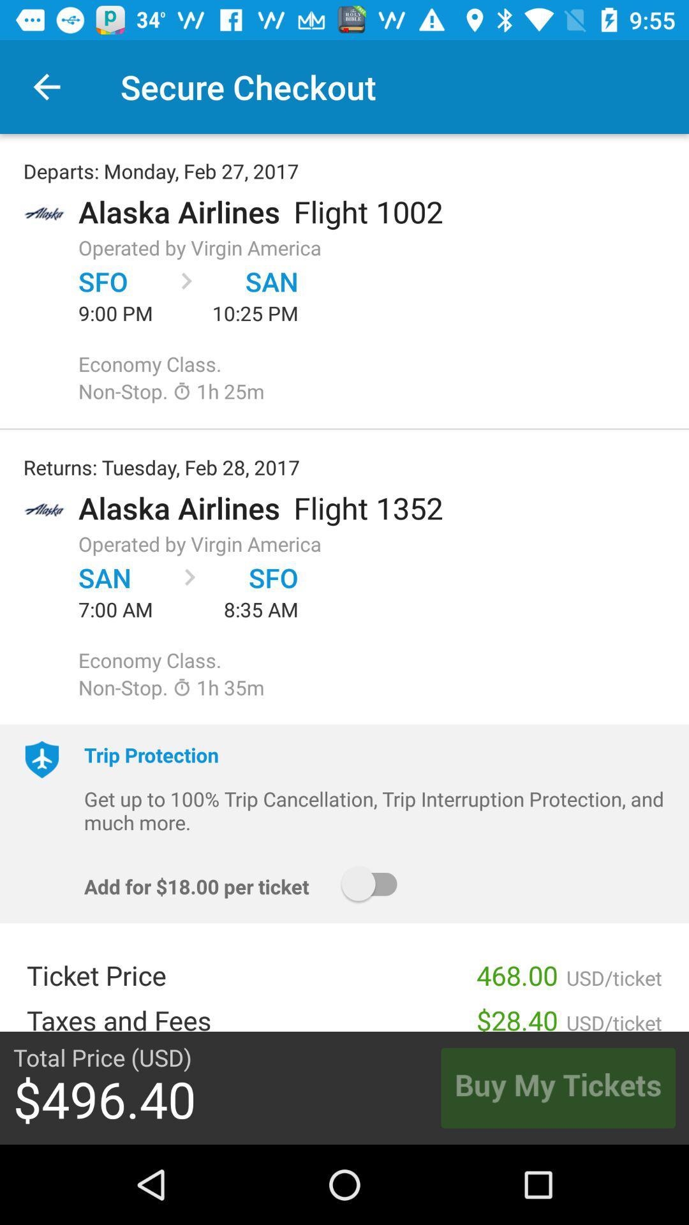 The image size is (689, 1225). Describe the element at coordinates (374, 883) in the screenshot. I see `the item to the right of the add for 18` at that location.